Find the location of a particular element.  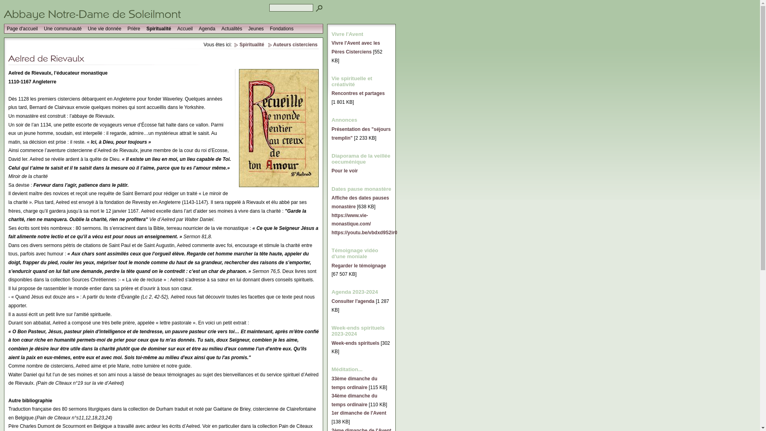

'Week-ends spirituels' is located at coordinates (331, 343).